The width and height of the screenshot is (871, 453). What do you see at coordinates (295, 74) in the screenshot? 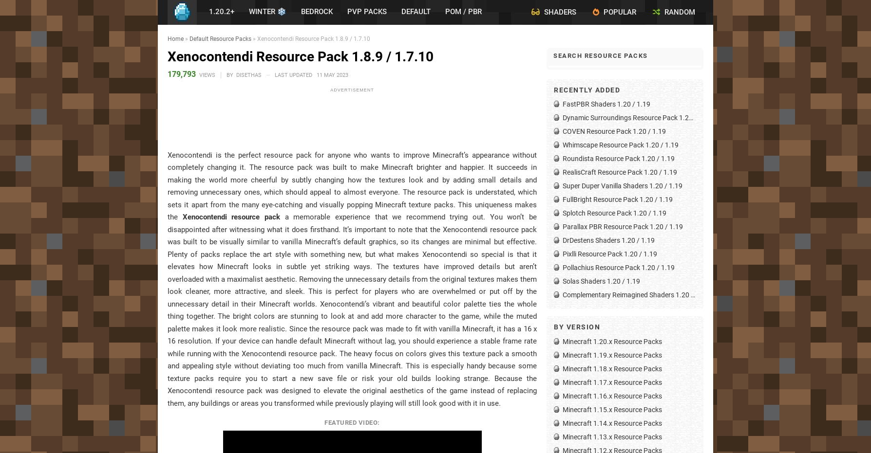
I see `'Last updated'` at bounding box center [295, 74].